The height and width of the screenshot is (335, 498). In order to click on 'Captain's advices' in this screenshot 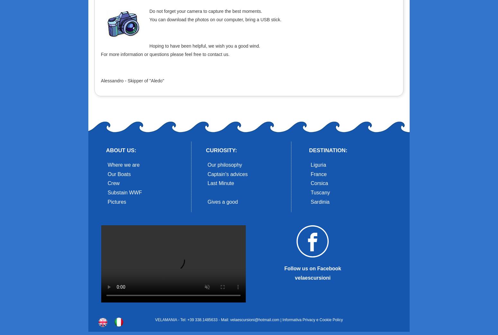, I will do `click(227, 174)`.